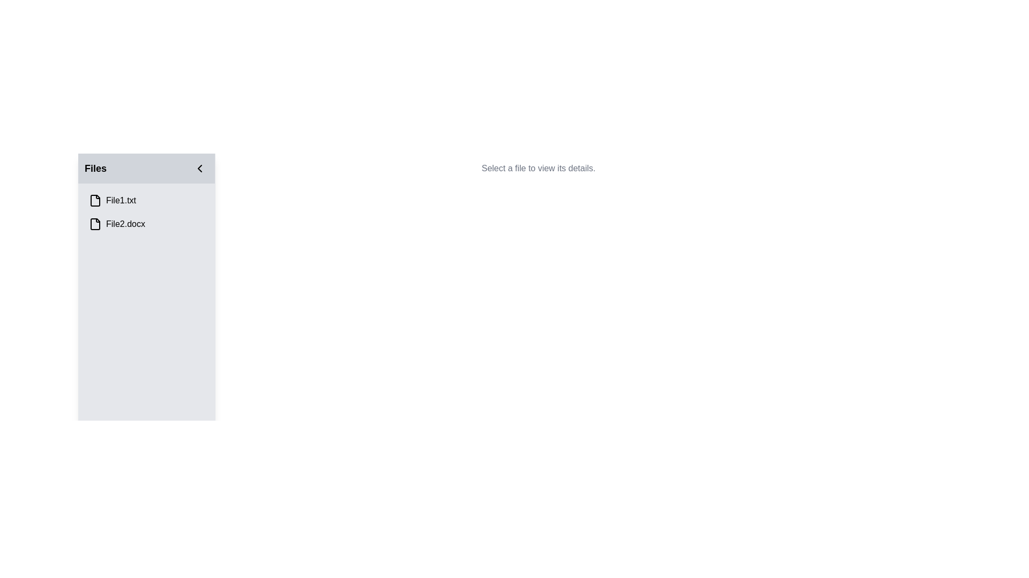 The height and width of the screenshot is (578, 1029). Describe the element at coordinates (95, 224) in the screenshot. I see `the document file icon for 'File2.docx', which is located in the second row of the file entries on the left sidebar` at that location.